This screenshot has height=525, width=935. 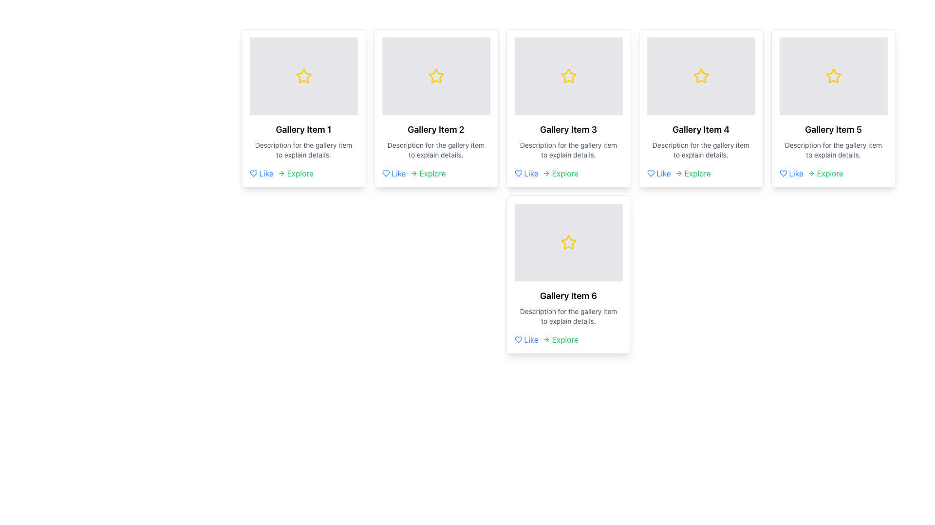 I want to click on the static text block that provides additional descriptive details about 'Gallery Item 5', located beneath the title and above the interactive options, so click(x=833, y=150).